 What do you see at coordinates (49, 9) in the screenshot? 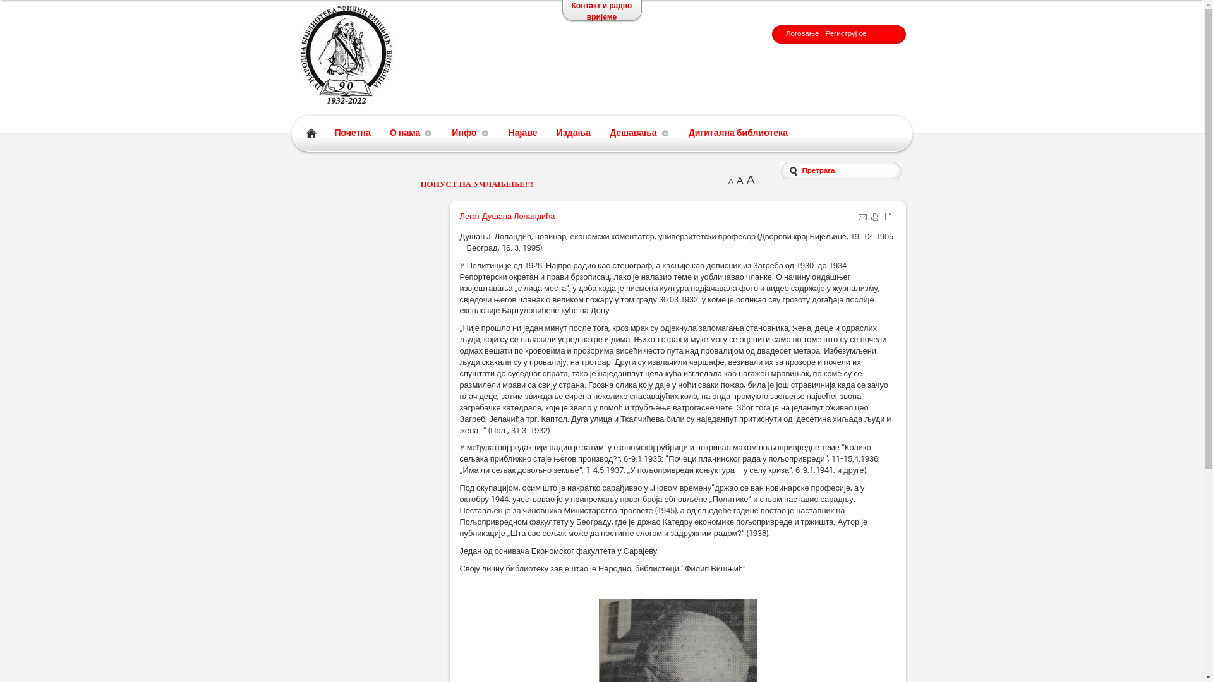
I see `'Search'` at bounding box center [49, 9].